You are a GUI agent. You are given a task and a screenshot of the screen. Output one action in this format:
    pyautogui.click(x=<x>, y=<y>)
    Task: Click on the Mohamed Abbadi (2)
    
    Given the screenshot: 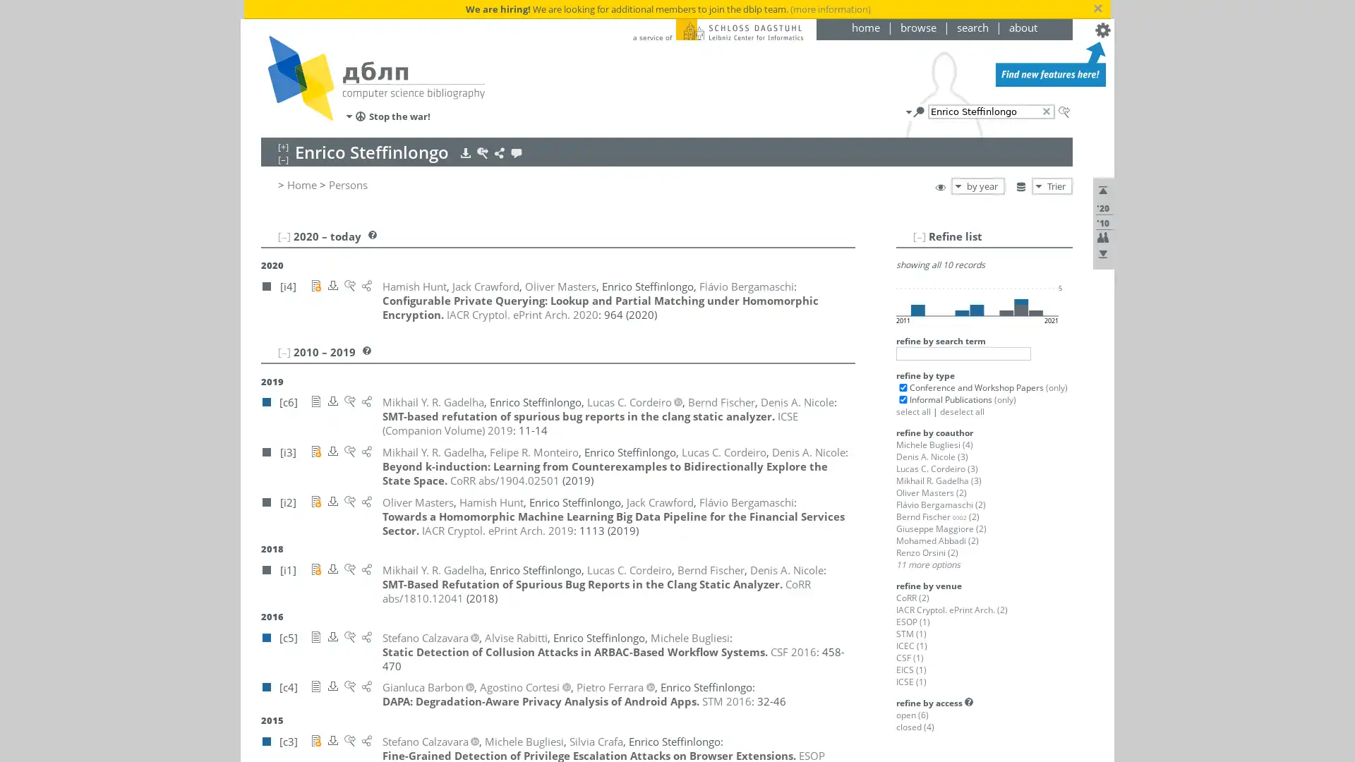 What is the action you would take?
    pyautogui.click(x=937, y=540)
    